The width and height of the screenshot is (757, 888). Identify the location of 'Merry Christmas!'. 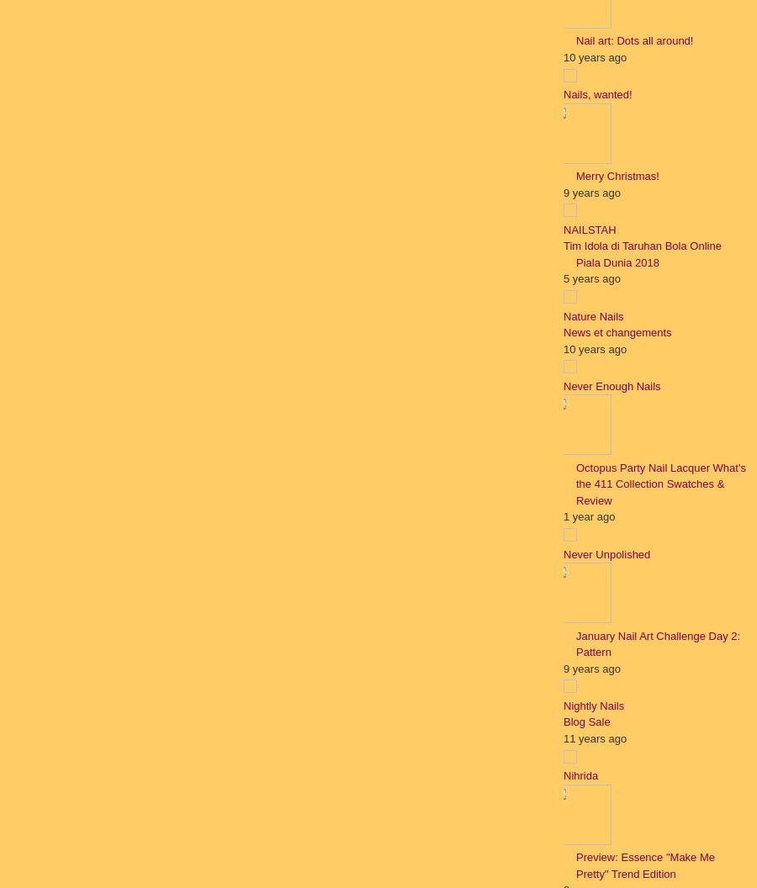
(617, 175).